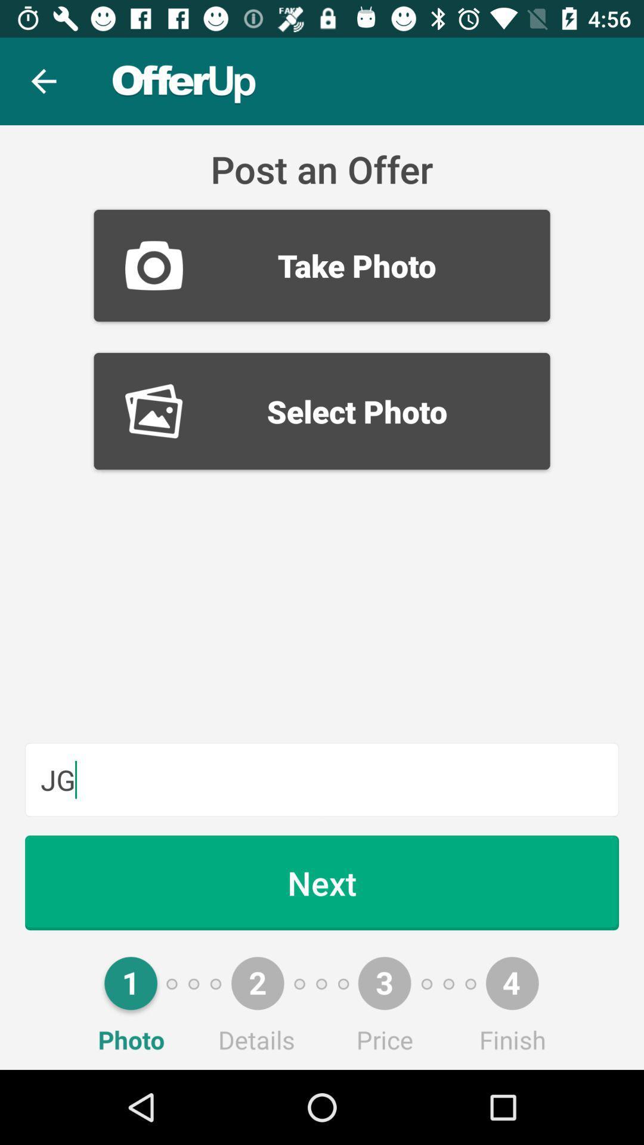 This screenshot has height=1145, width=644. Describe the element at coordinates (322, 265) in the screenshot. I see `icon above the select photo icon` at that location.